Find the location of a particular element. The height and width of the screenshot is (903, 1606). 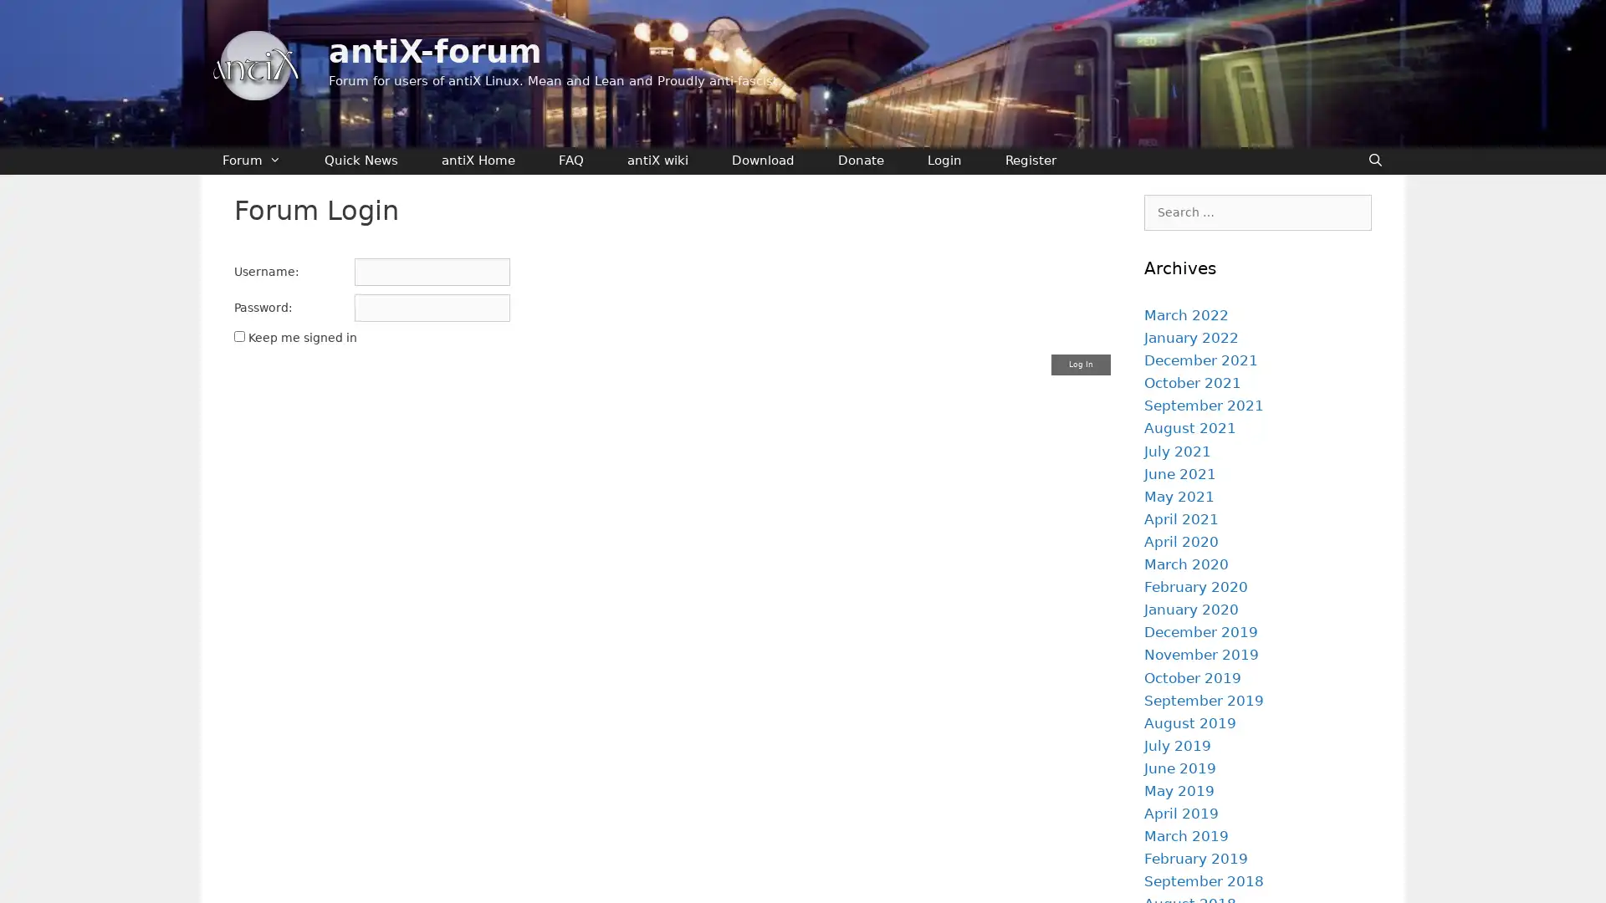

Log In is located at coordinates (1081, 363).